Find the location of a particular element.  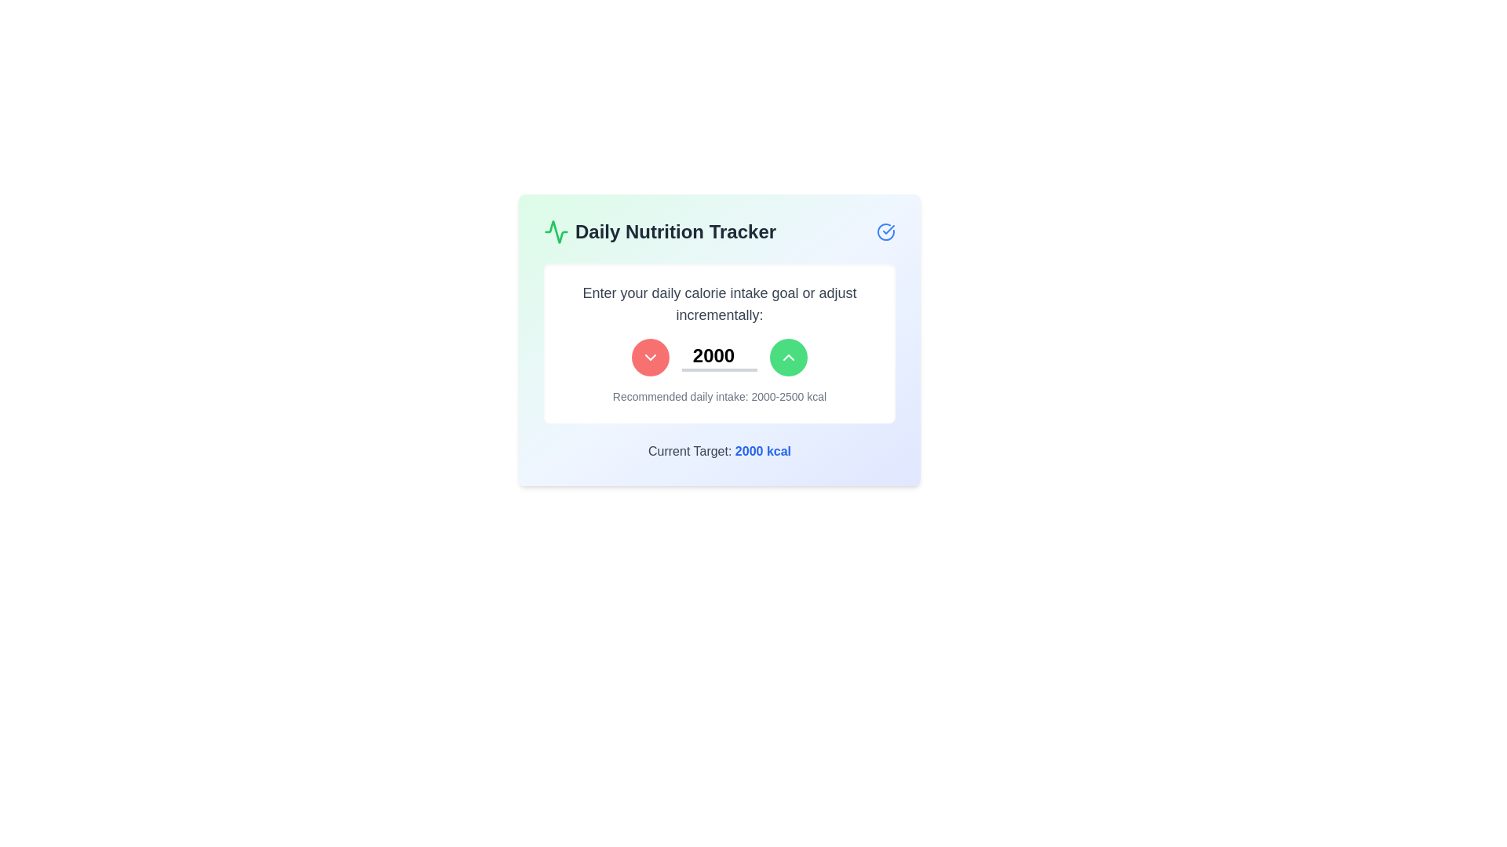

the informational text displaying the recommended daily calorie intake range, located at the bottom of the calorie tracker UI is located at coordinates (718, 395).